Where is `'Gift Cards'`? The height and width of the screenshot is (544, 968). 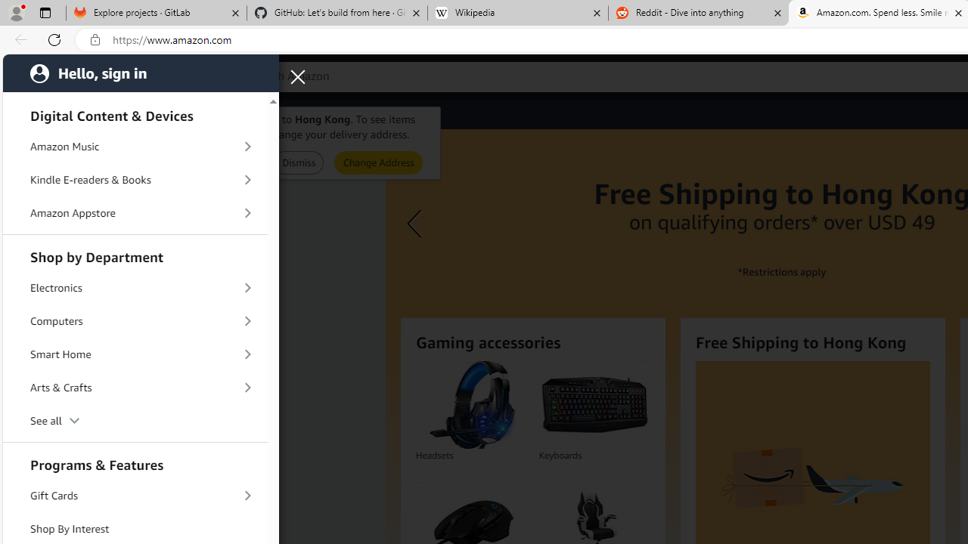
'Gift Cards' is located at coordinates (135, 496).